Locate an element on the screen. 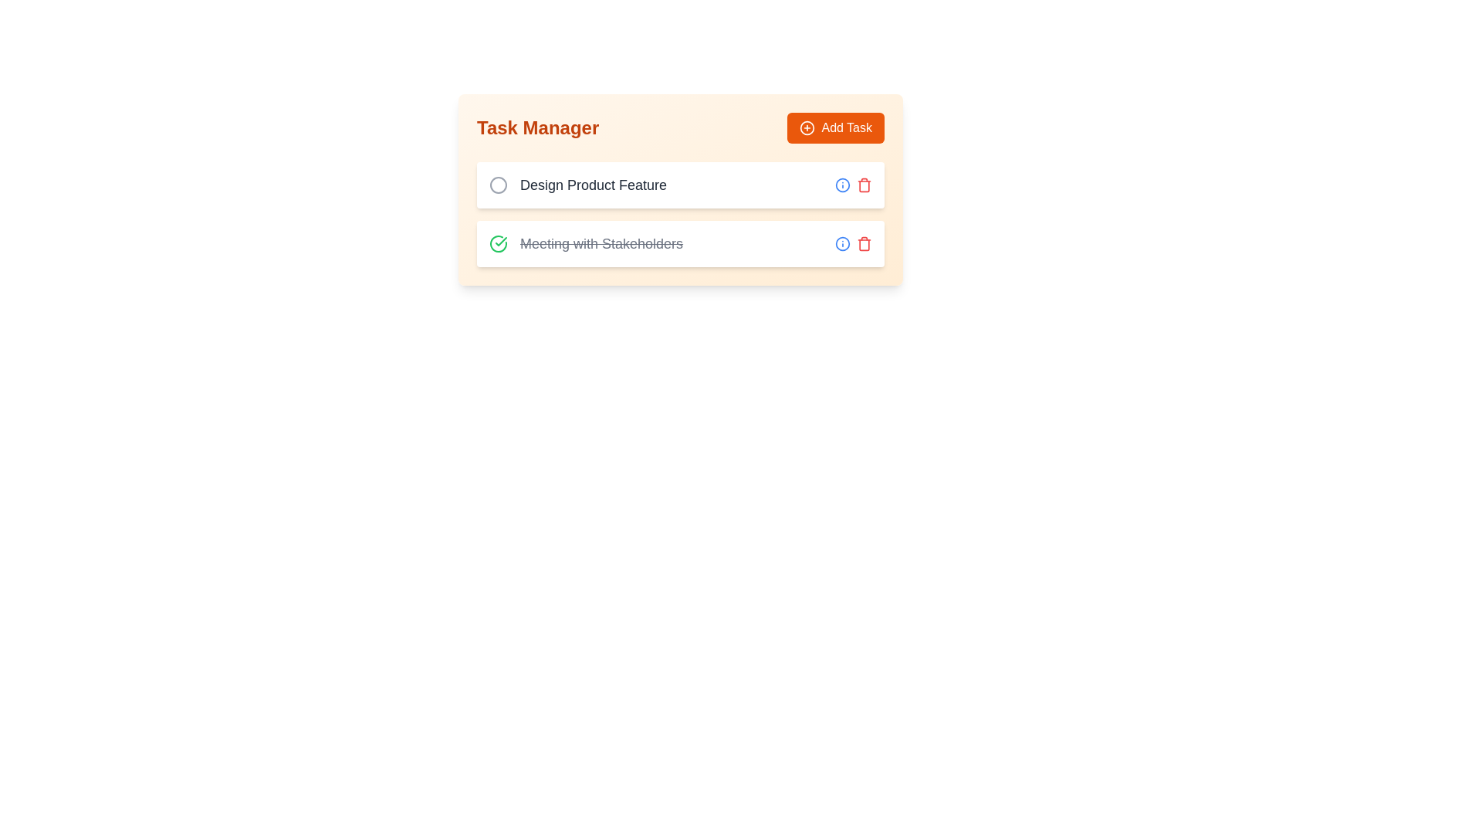  the green circular icon with a checkmark located to the left of the 'Meeting with Stakeholders' text is located at coordinates (499, 243).